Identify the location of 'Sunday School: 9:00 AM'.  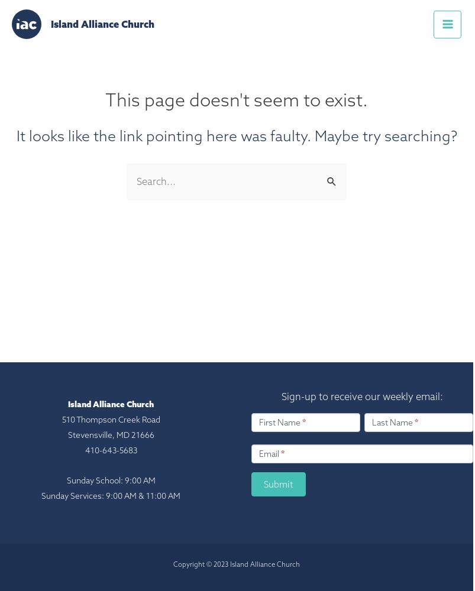
(111, 480).